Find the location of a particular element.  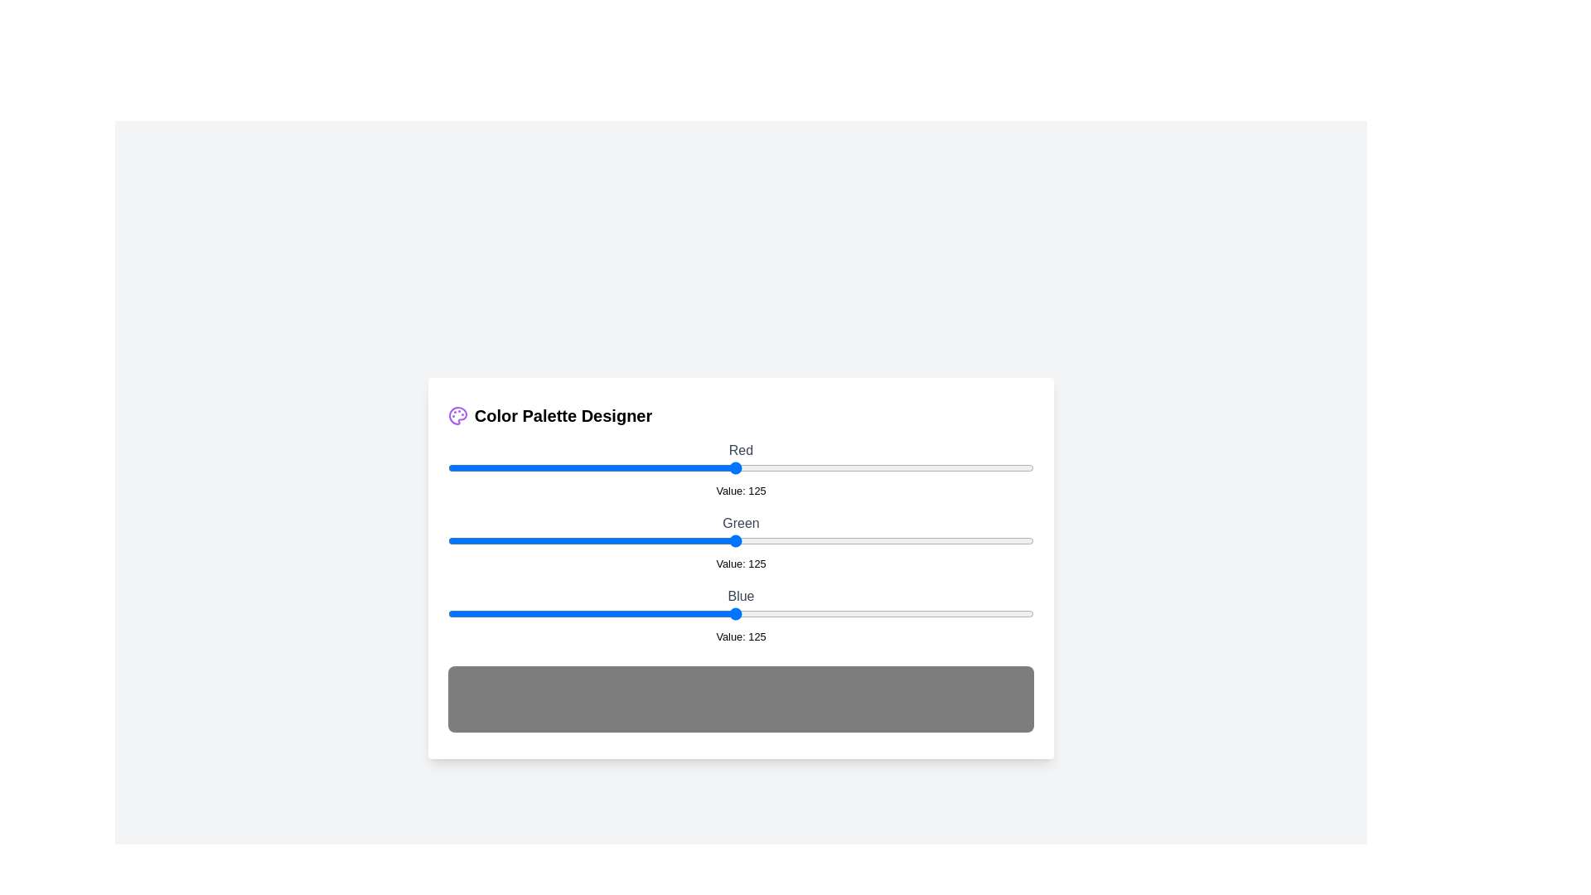

the 0 slider to 87 is located at coordinates (647, 467).